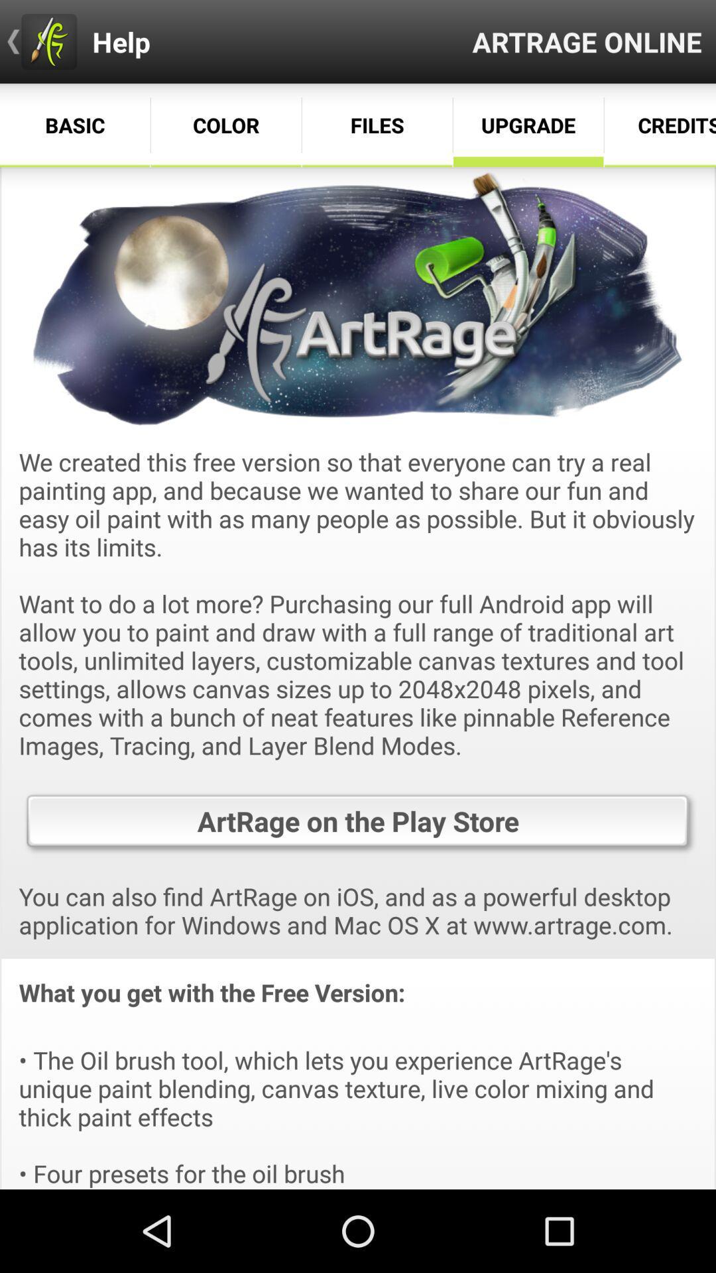 This screenshot has width=716, height=1273. Describe the element at coordinates (586, 41) in the screenshot. I see `artrage online icon` at that location.